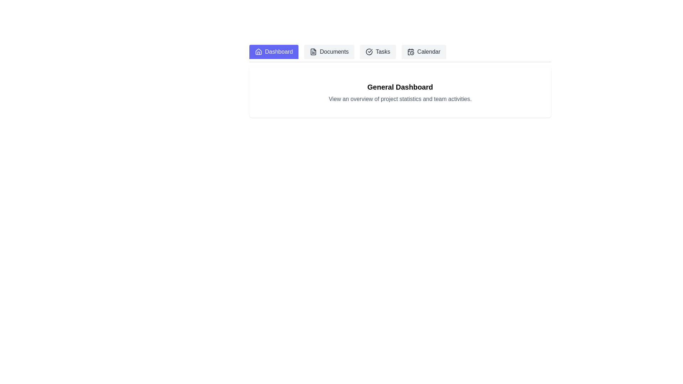 The height and width of the screenshot is (384, 683). Describe the element at coordinates (400, 92) in the screenshot. I see `the informational text block titled 'General Dashboard', which has a bold title and a description about project statistics and team activities` at that location.